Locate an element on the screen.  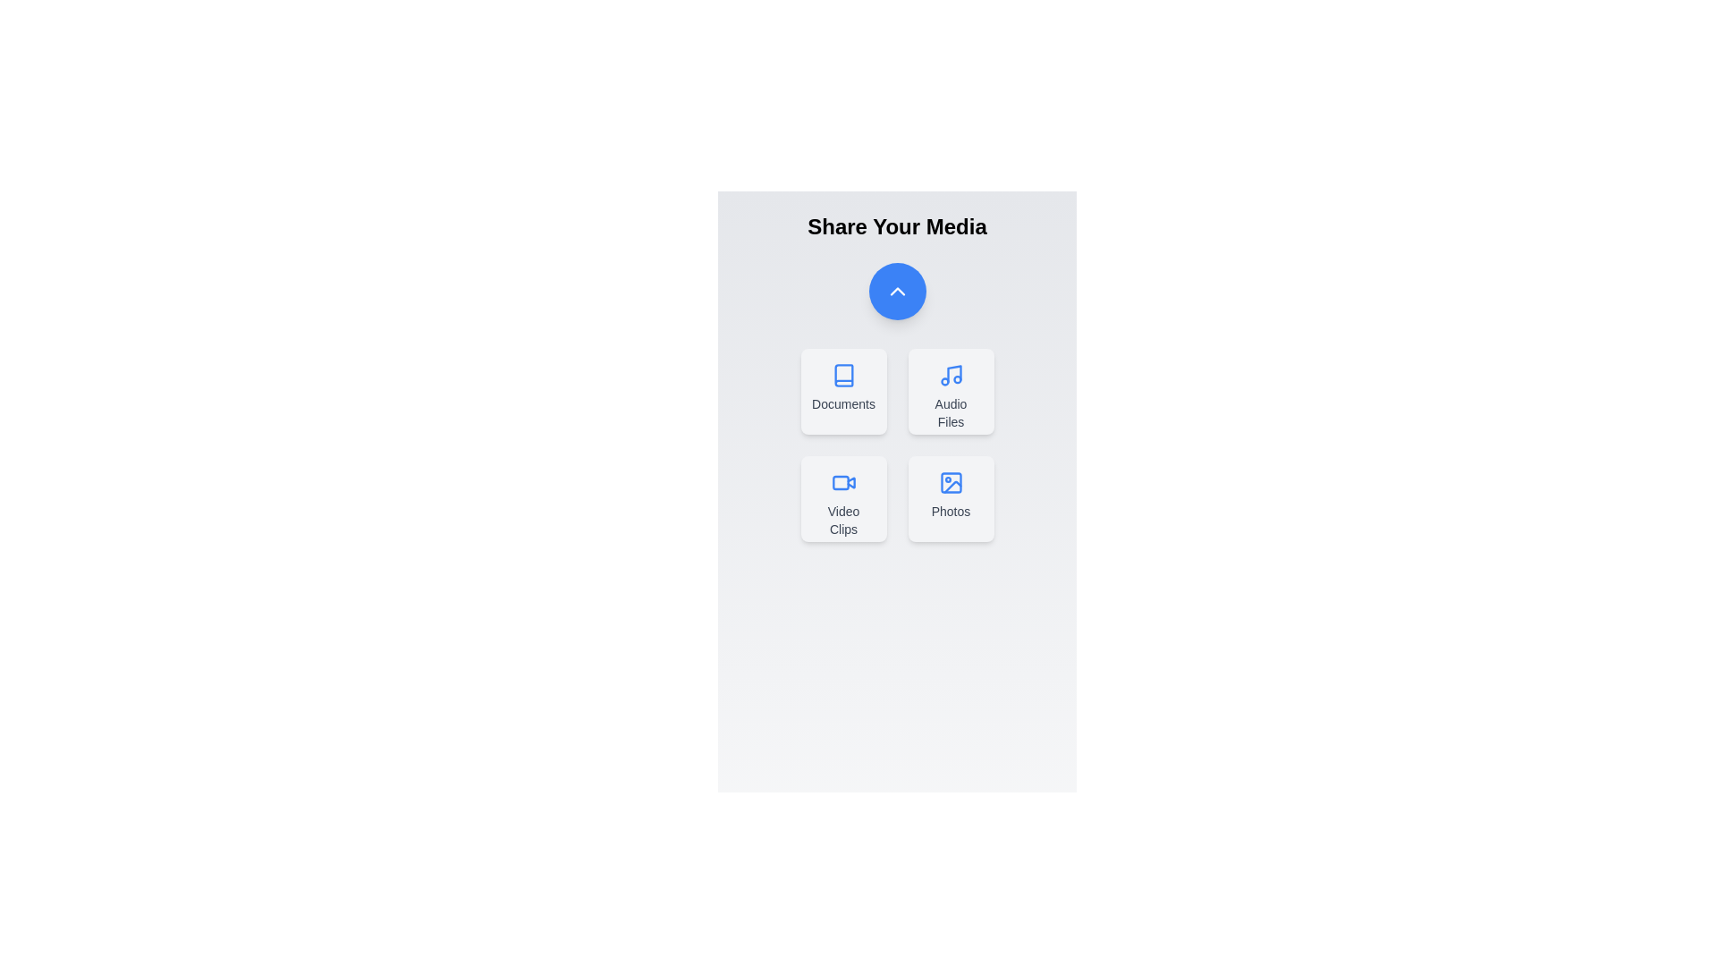
the text label for Documents is located at coordinates (842, 403).